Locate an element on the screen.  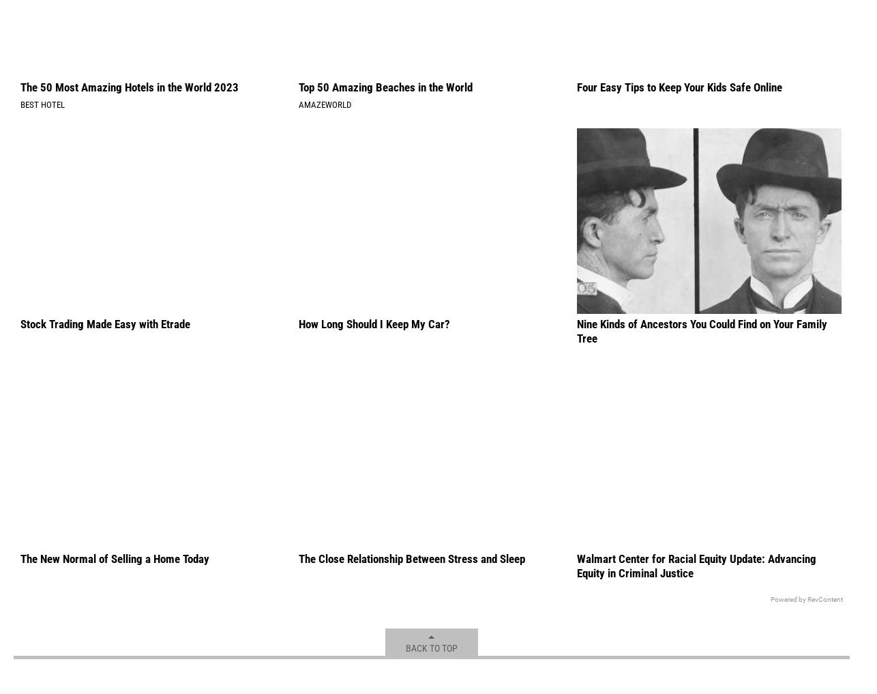
'AmazeWorld' is located at coordinates (324, 306).